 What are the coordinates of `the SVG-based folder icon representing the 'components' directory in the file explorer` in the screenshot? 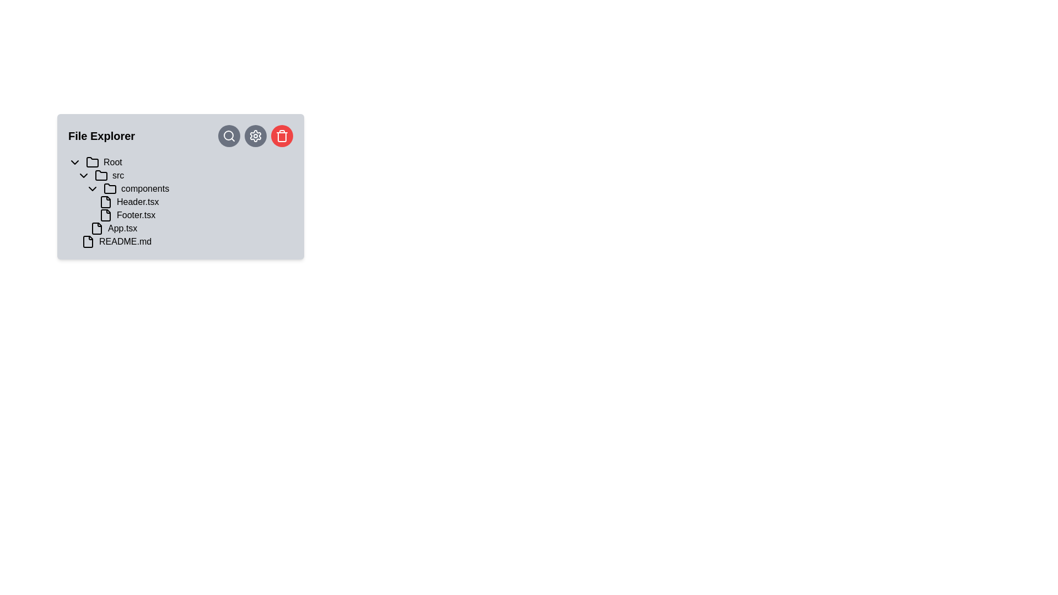 It's located at (110, 188).